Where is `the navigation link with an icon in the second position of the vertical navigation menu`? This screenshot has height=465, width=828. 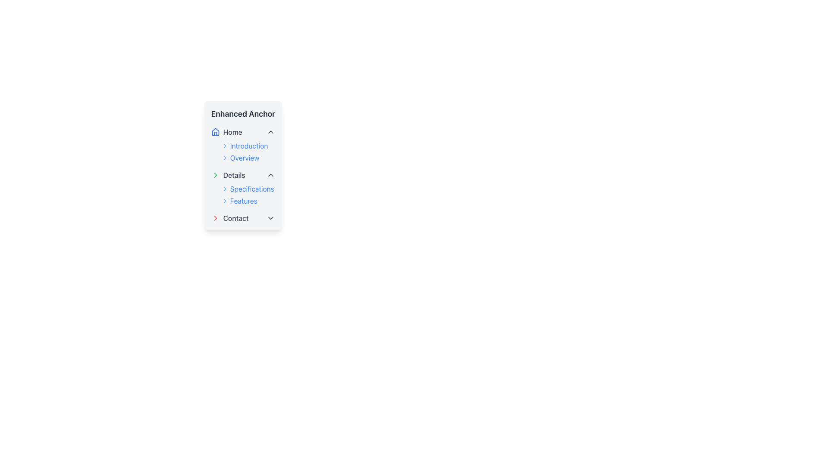 the navigation link with an icon in the second position of the vertical navigation menu is located at coordinates (228, 175).